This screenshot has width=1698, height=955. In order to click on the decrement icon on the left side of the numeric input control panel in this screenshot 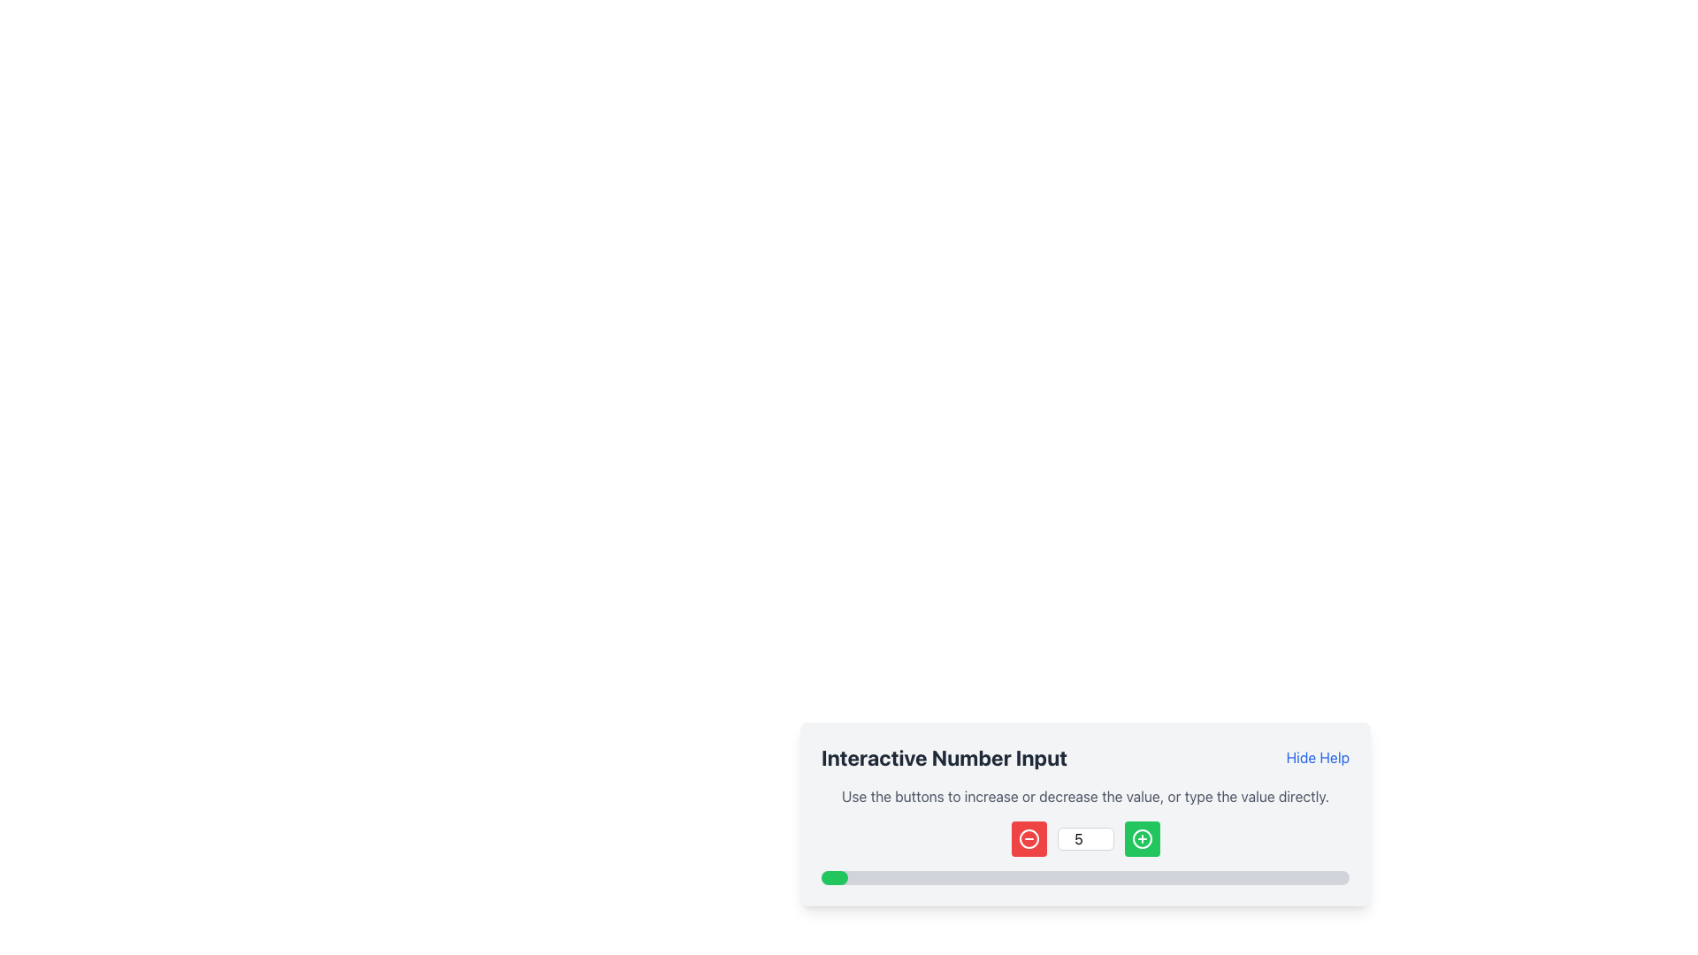, I will do `click(1029, 837)`.